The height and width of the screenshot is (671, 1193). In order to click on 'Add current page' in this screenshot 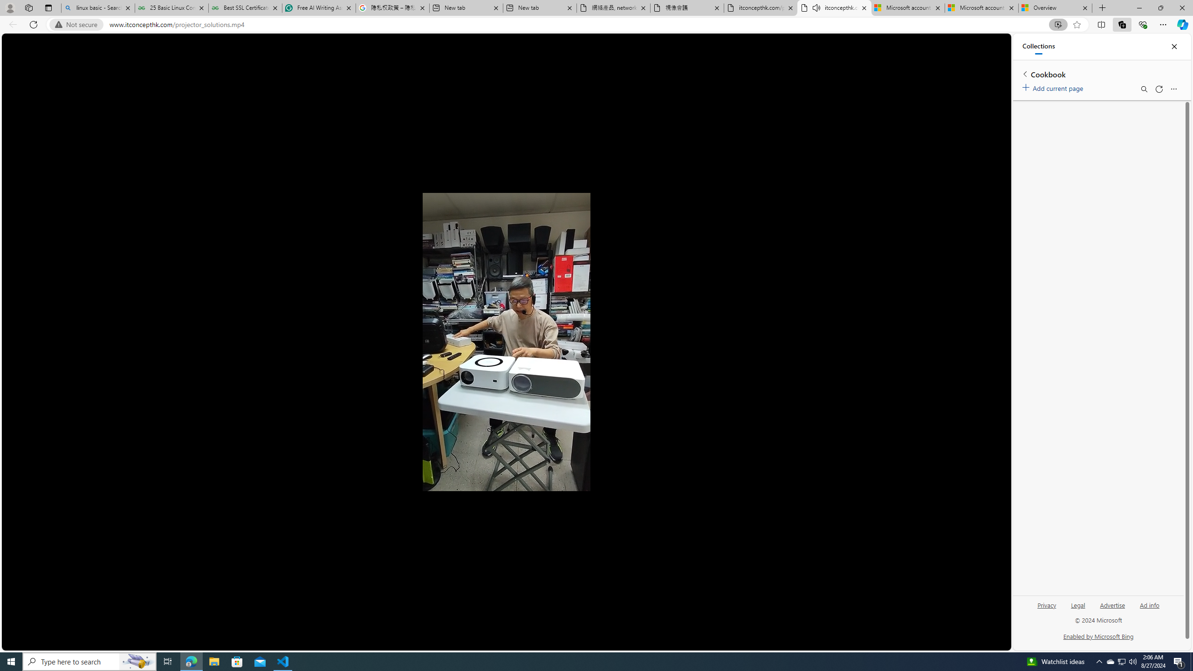, I will do `click(1054, 86)`.